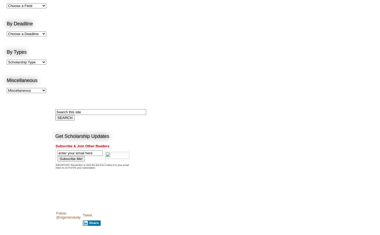 Image resolution: width=380 pixels, height=235 pixels. What do you see at coordinates (92, 166) in the screenshot?
I see `'in your email inbox to ACTIVATE your subscription.'` at bounding box center [92, 166].